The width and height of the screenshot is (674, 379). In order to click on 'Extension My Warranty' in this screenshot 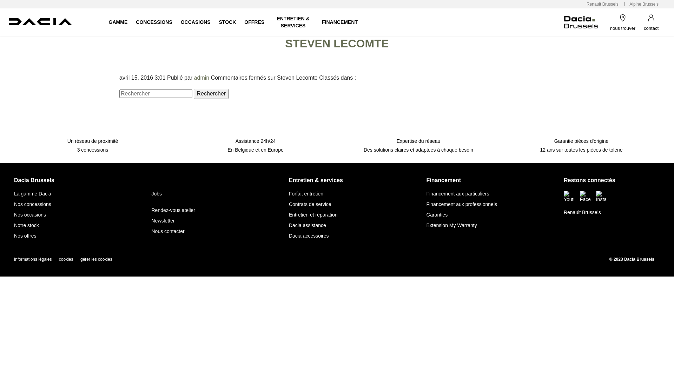, I will do `click(451, 225)`.